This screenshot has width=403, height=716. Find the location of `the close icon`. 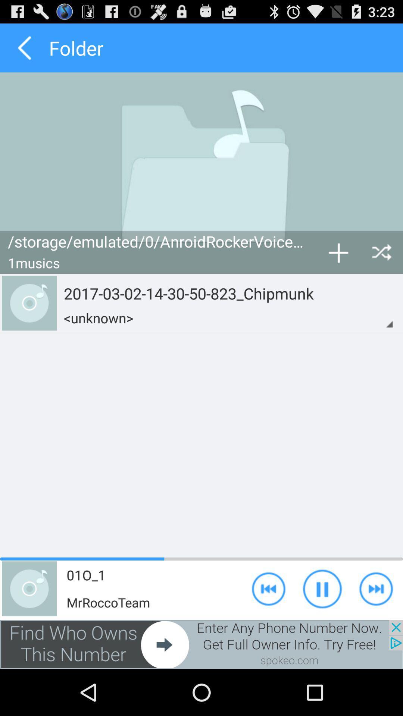

the close icon is located at coordinates (381, 270).